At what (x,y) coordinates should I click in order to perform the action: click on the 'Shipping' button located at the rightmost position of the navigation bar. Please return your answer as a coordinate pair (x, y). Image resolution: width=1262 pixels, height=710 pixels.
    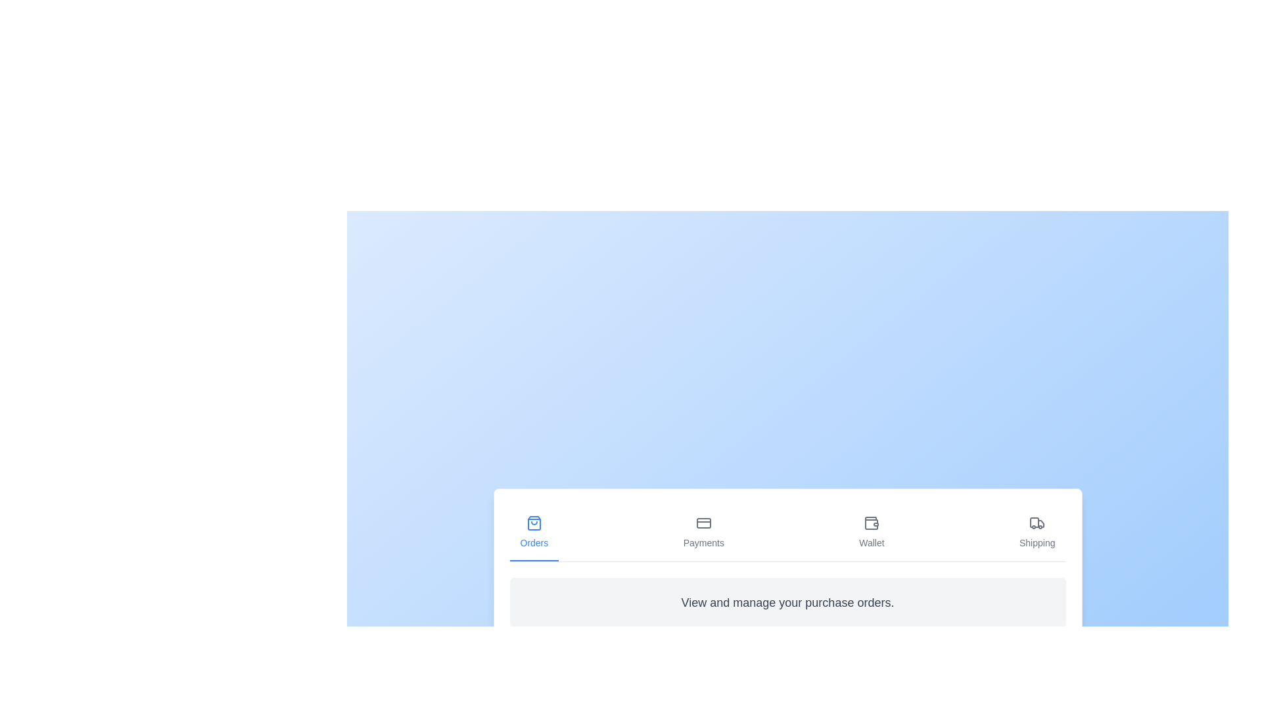
    Looking at the image, I should click on (1037, 532).